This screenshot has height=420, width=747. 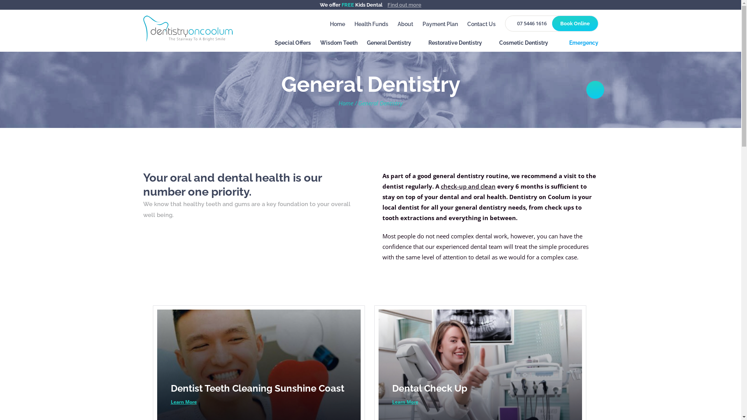 What do you see at coordinates (404, 5) in the screenshot?
I see `'Find out more'` at bounding box center [404, 5].